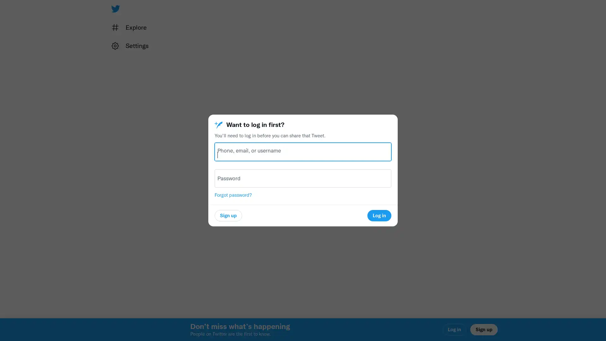 Image resolution: width=606 pixels, height=341 pixels. I want to click on Log in, so click(379, 215).